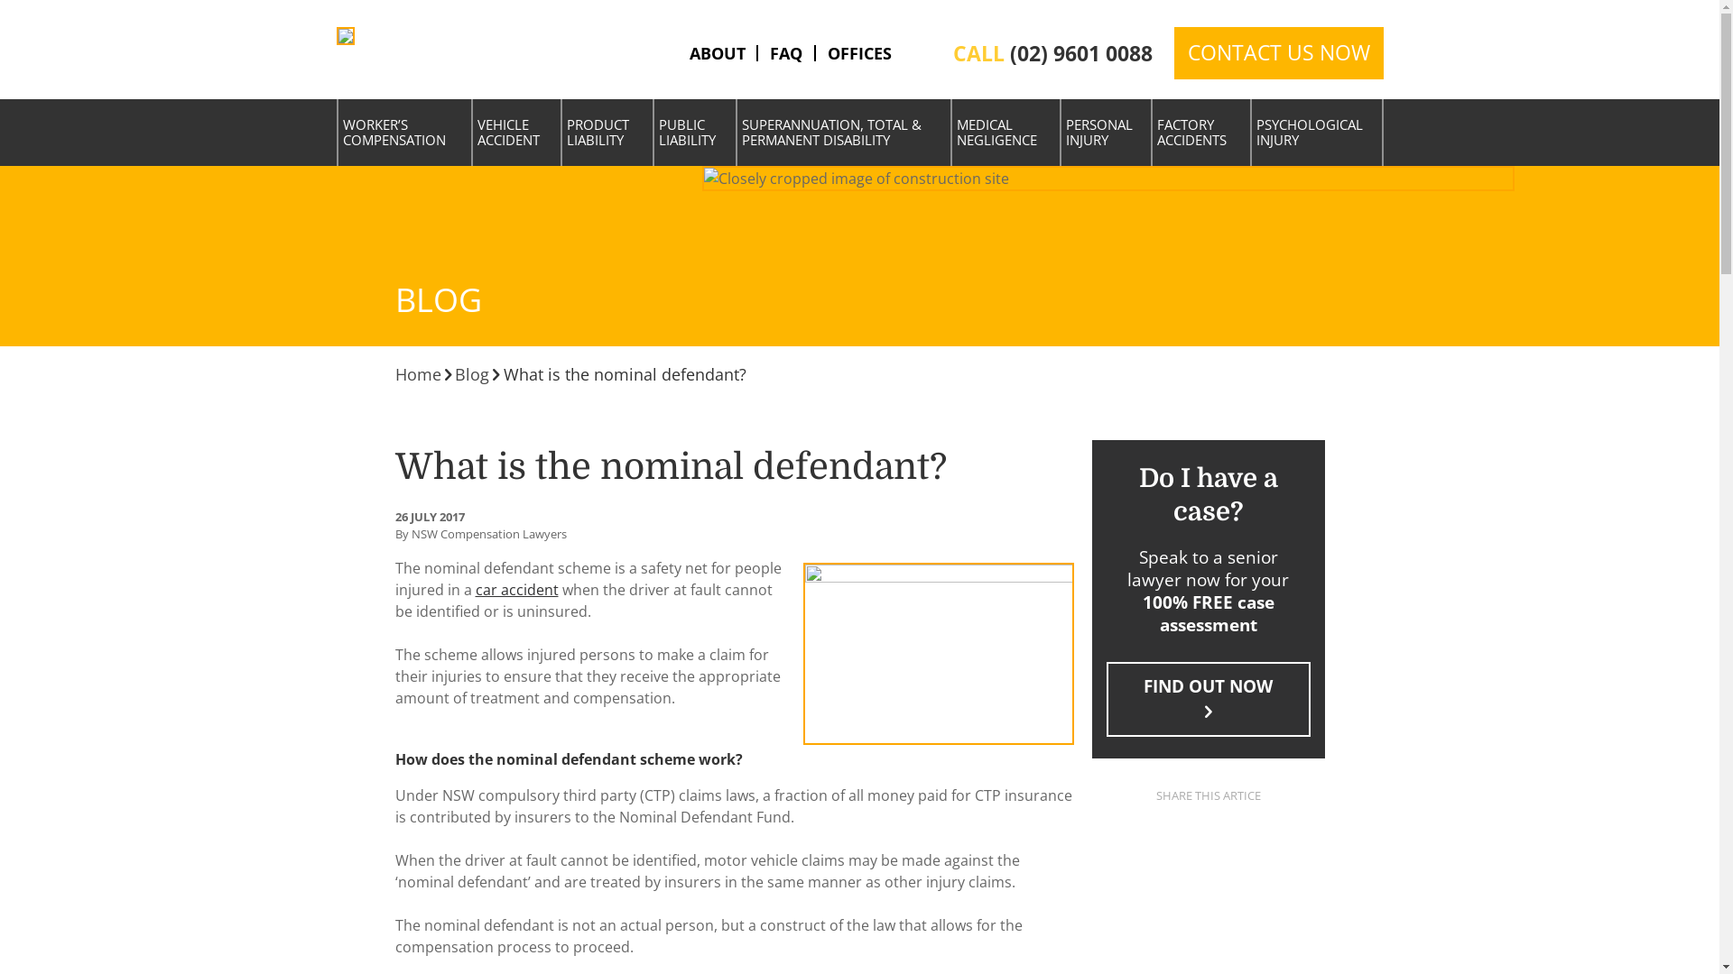 The width and height of the screenshot is (1733, 974). What do you see at coordinates (475, 590) in the screenshot?
I see `'car accident'` at bounding box center [475, 590].